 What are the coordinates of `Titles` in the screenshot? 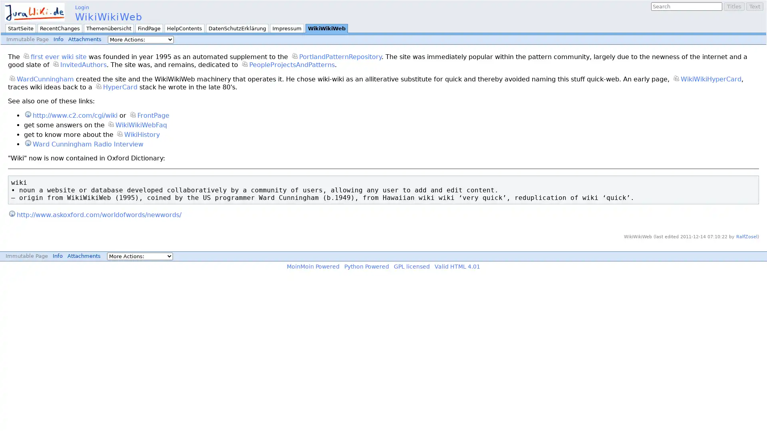 It's located at (734, 6).